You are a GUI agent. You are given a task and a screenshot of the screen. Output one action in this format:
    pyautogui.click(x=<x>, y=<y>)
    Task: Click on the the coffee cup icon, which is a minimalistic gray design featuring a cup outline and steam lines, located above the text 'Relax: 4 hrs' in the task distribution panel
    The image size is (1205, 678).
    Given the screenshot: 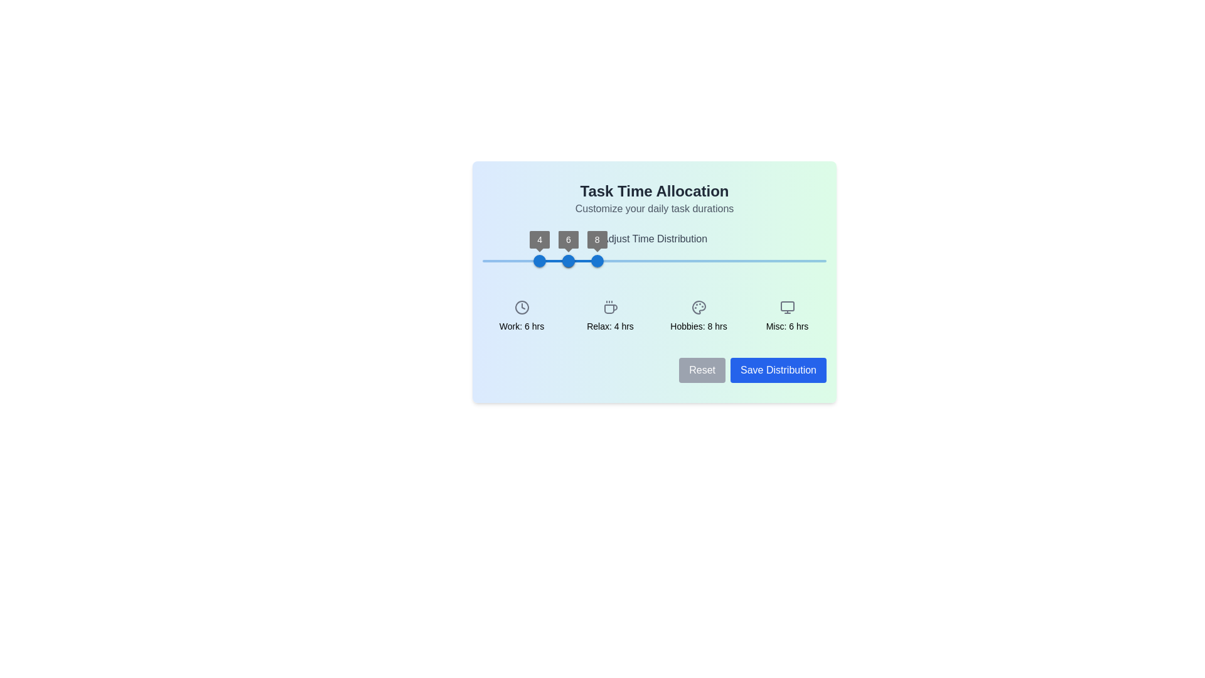 What is the action you would take?
    pyautogui.click(x=610, y=307)
    